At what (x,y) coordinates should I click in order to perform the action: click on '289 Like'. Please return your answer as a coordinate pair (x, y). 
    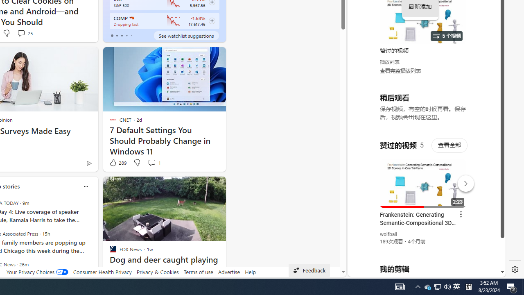
    Looking at the image, I should click on (117, 163).